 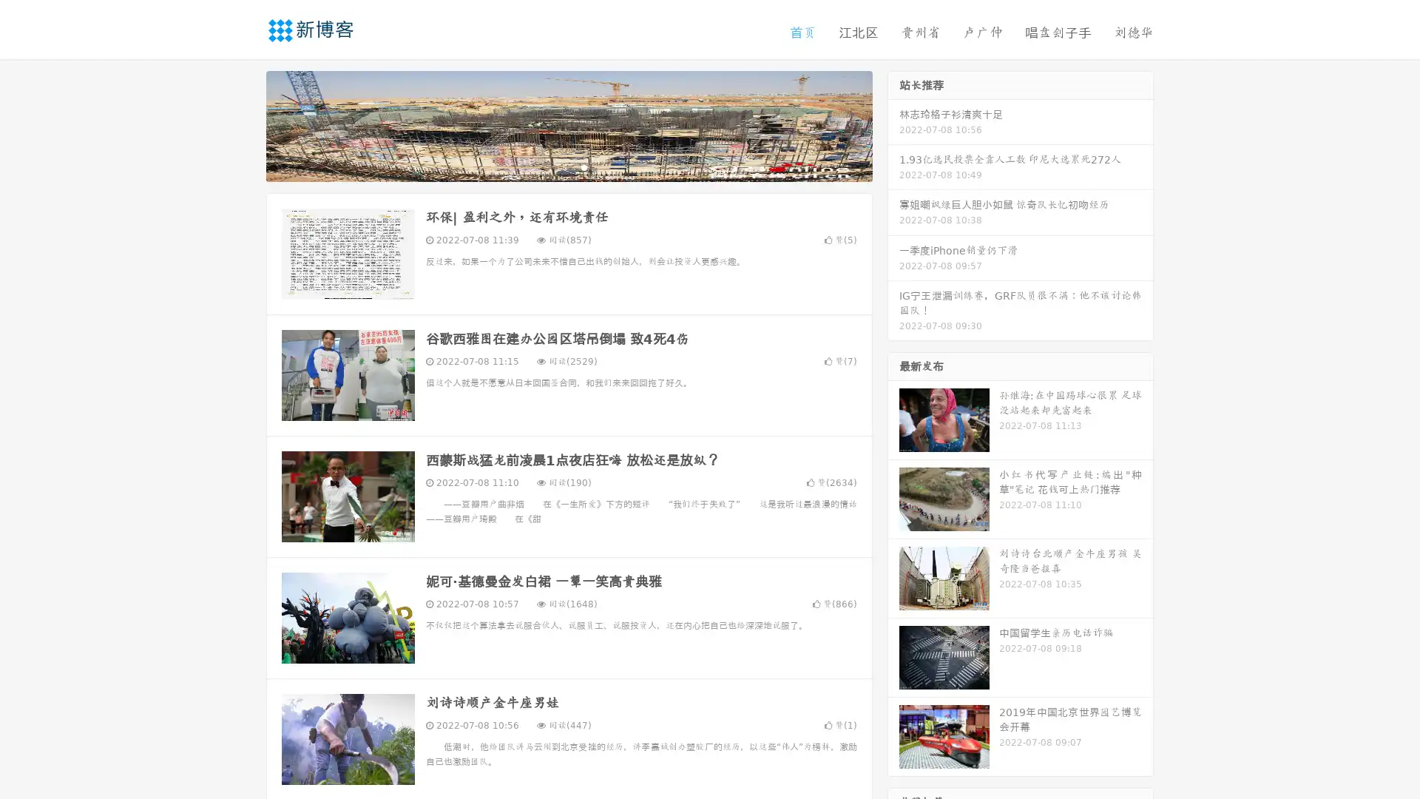 What do you see at coordinates (584, 166) in the screenshot?
I see `Go to slide 3` at bounding box center [584, 166].